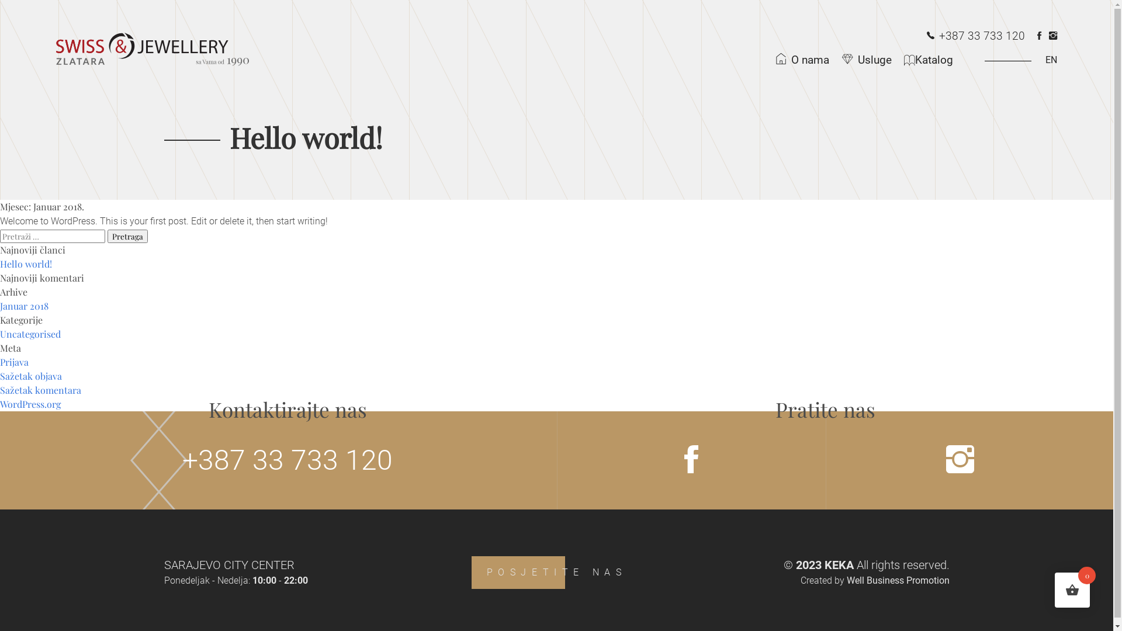 Image resolution: width=1122 pixels, height=631 pixels. What do you see at coordinates (0, 334) in the screenshot?
I see `'Uncategorised'` at bounding box center [0, 334].